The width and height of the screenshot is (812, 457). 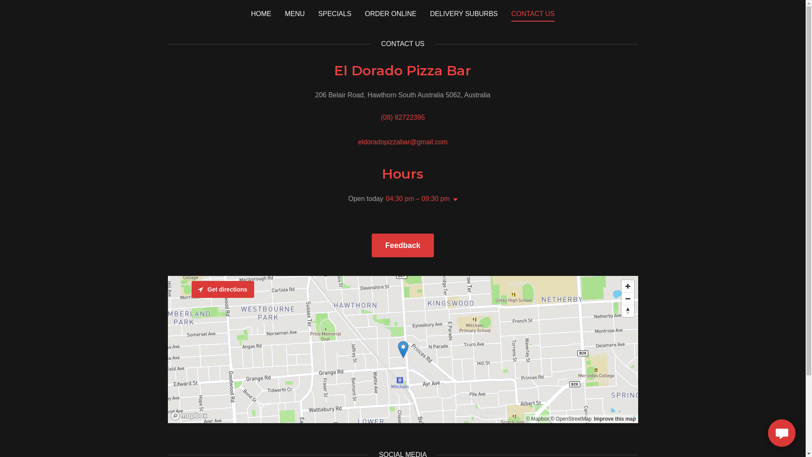 What do you see at coordinates (614, 419) in the screenshot?
I see `'Improve this map'` at bounding box center [614, 419].